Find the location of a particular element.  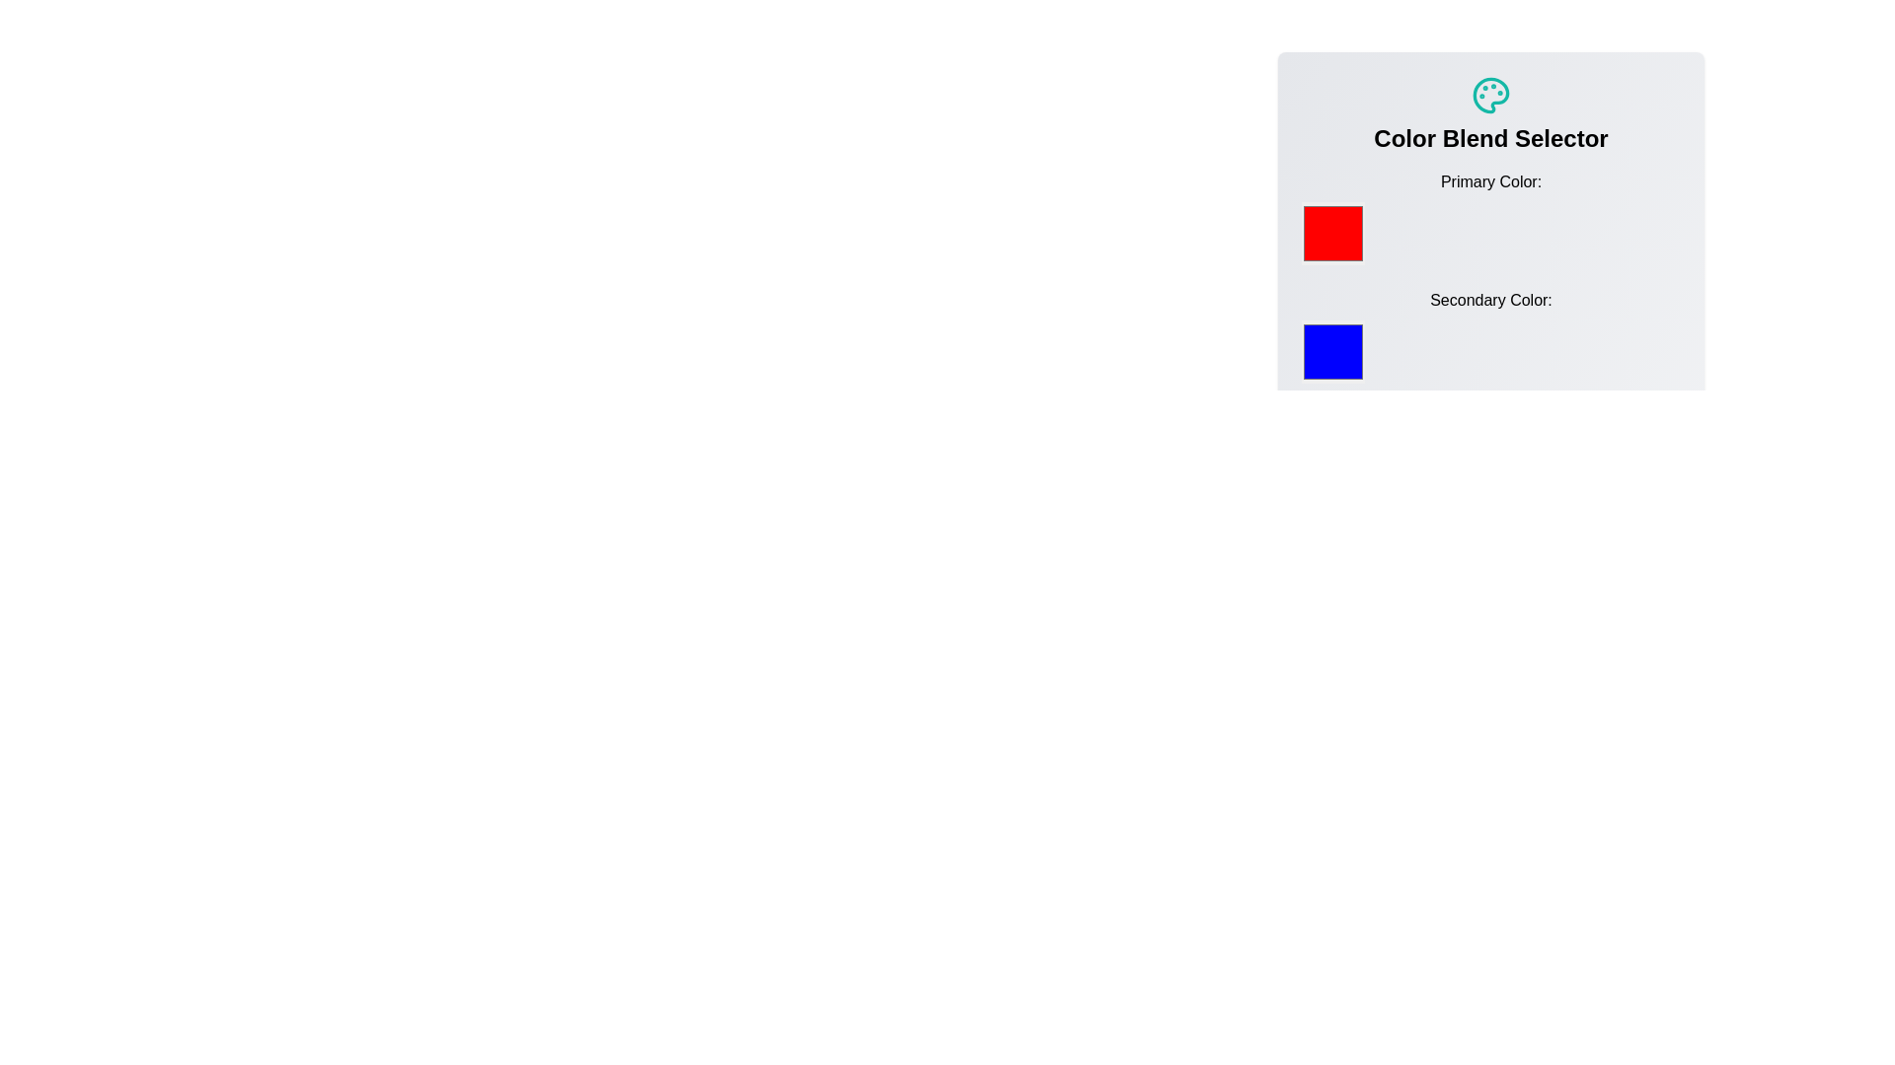

the Text label indicating the purpose of the adjacent color input square button, which is to select the primary color is located at coordinates (1491, 182).